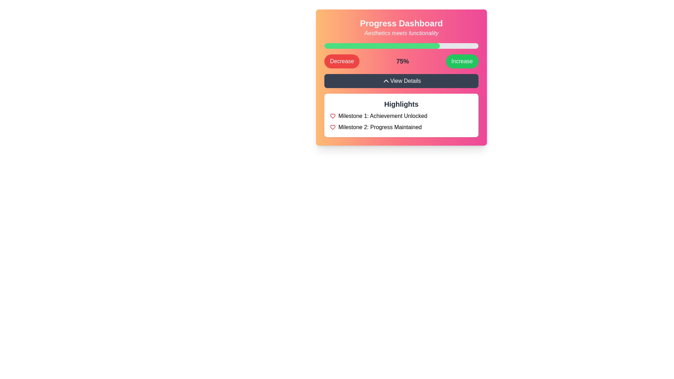 This screenshot has width=674, height=379. Describe the element at coordinates (401, 81) in the screenshot. I see `the rectangular button labeled 'View Details' with a dark gray background and an upward-pointing chevron icon` at that location.